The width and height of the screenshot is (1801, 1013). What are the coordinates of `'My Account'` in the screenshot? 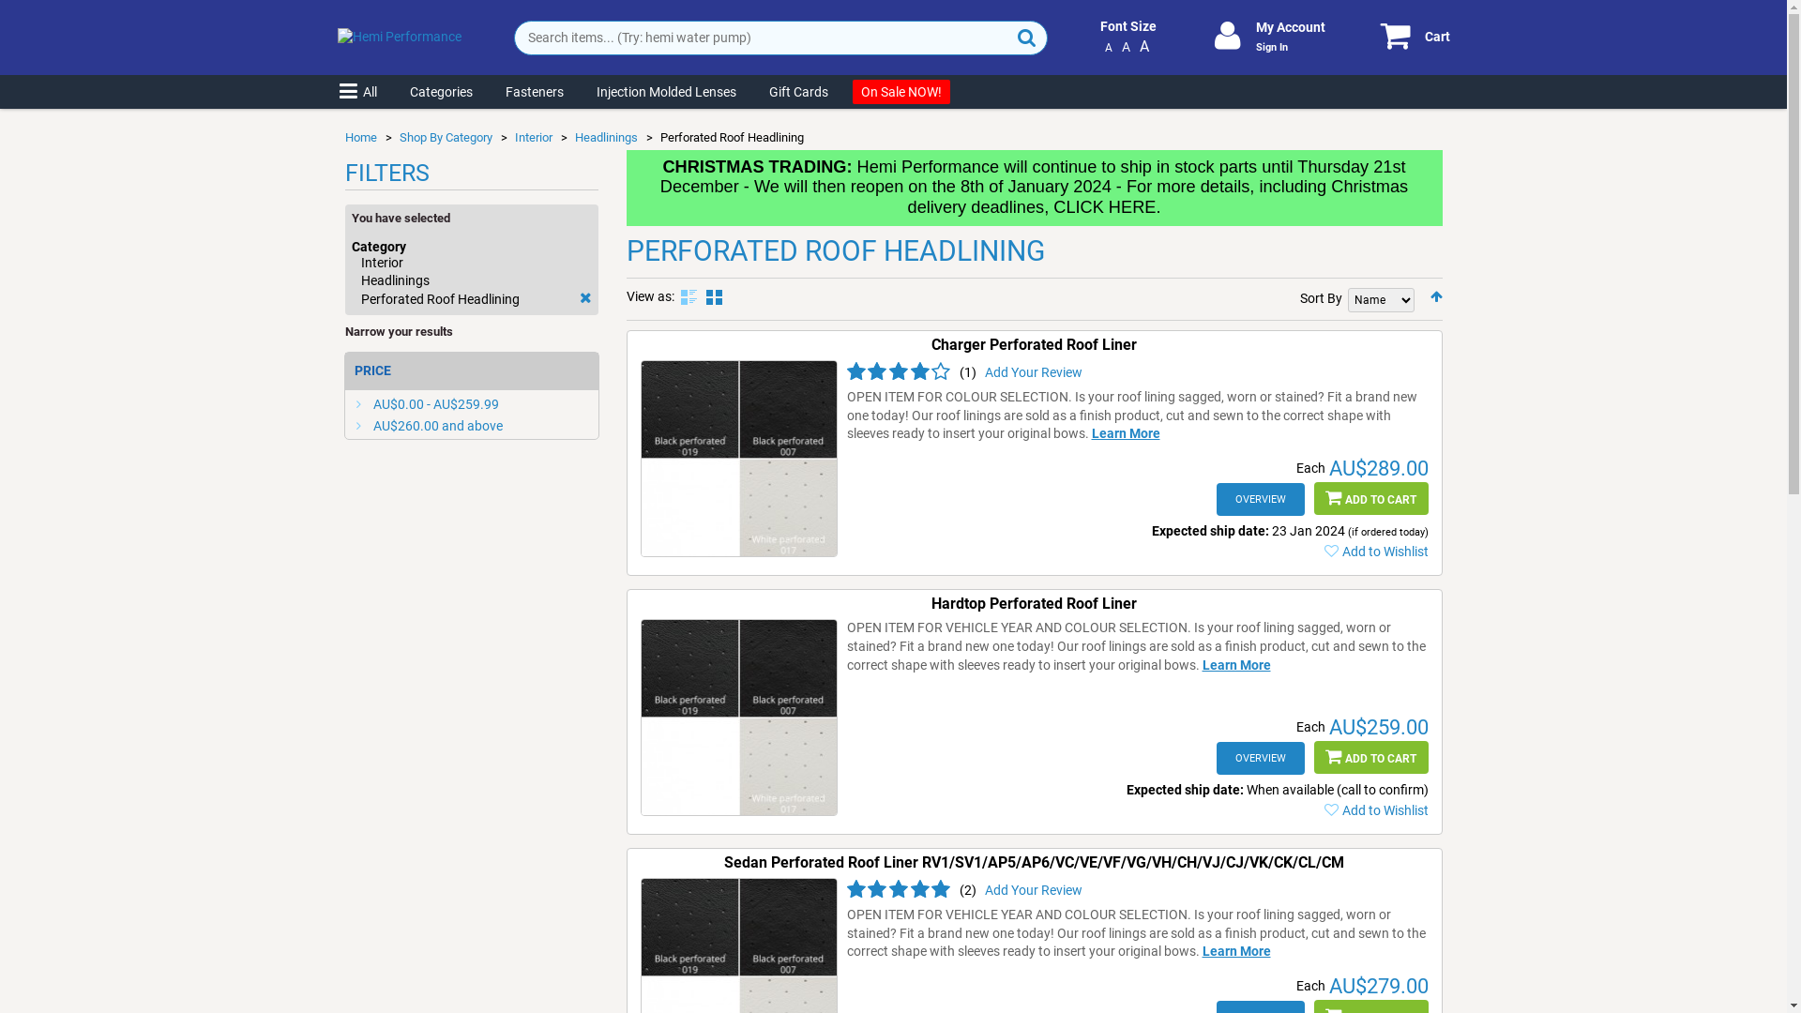 It's located at (1288, 27).